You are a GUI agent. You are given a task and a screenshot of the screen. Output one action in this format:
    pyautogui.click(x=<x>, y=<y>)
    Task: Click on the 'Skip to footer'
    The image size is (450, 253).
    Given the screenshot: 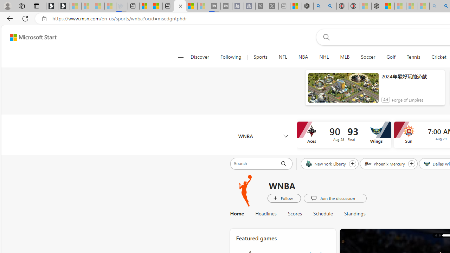 What is the action you would take?
    pyautogui.click(x=28, y=37)
    